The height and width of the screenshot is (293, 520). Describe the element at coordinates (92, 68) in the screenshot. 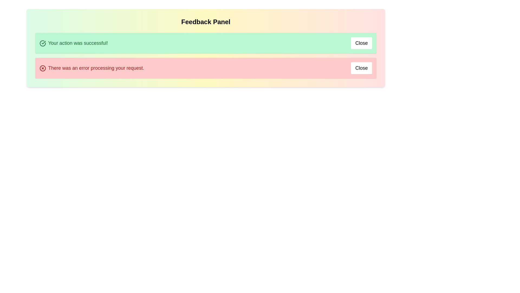

I see `the error message displayed in white text on a red background, which is the leftmost component in the red notification bar of the feedback panel` at that location.